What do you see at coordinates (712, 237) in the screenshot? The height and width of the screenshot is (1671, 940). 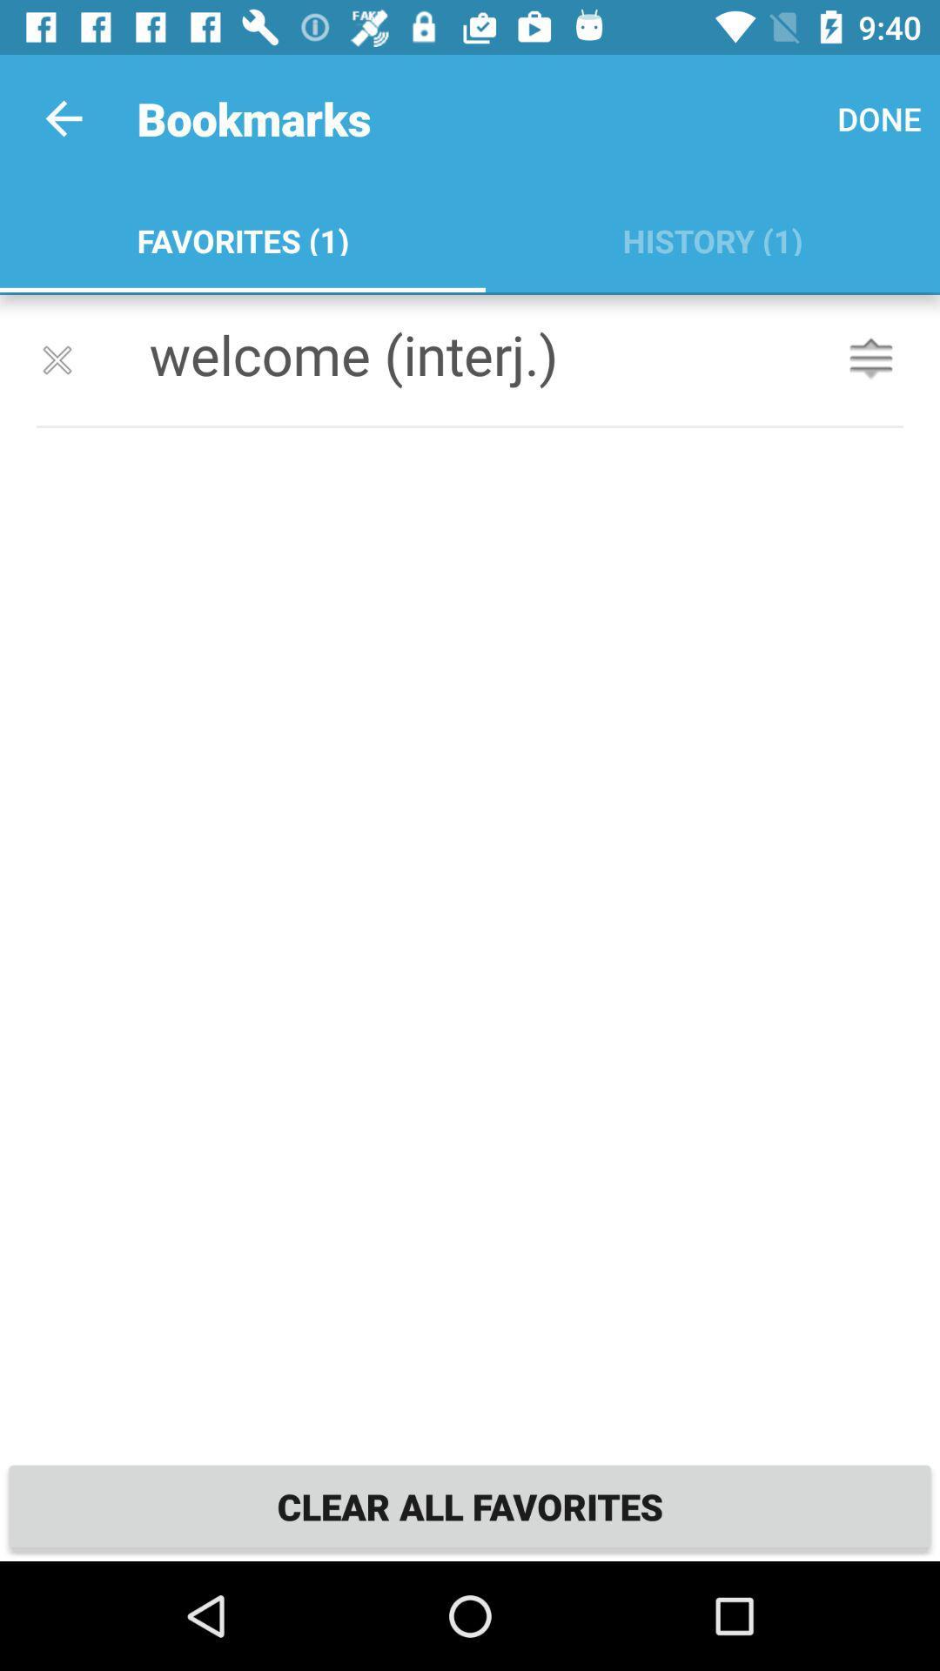 I see `history (1) item` at bounding box center [712, 237].